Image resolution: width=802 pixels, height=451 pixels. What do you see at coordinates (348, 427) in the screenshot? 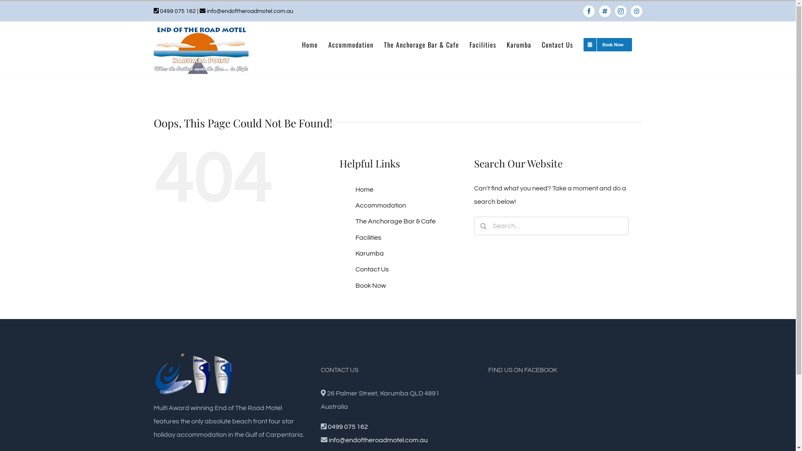
I see `'0499 075 162'` at bounding box center [348, 427].